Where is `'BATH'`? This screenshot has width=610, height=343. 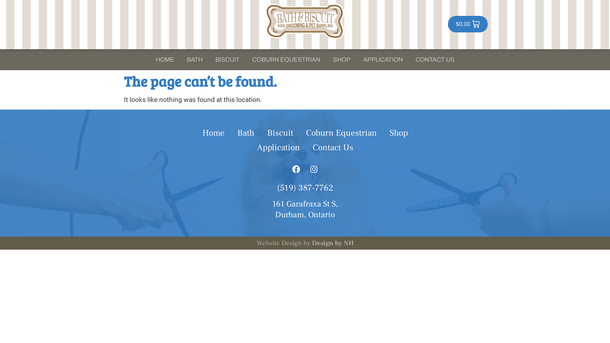
'BATH' is located at coordinates (194, 60).